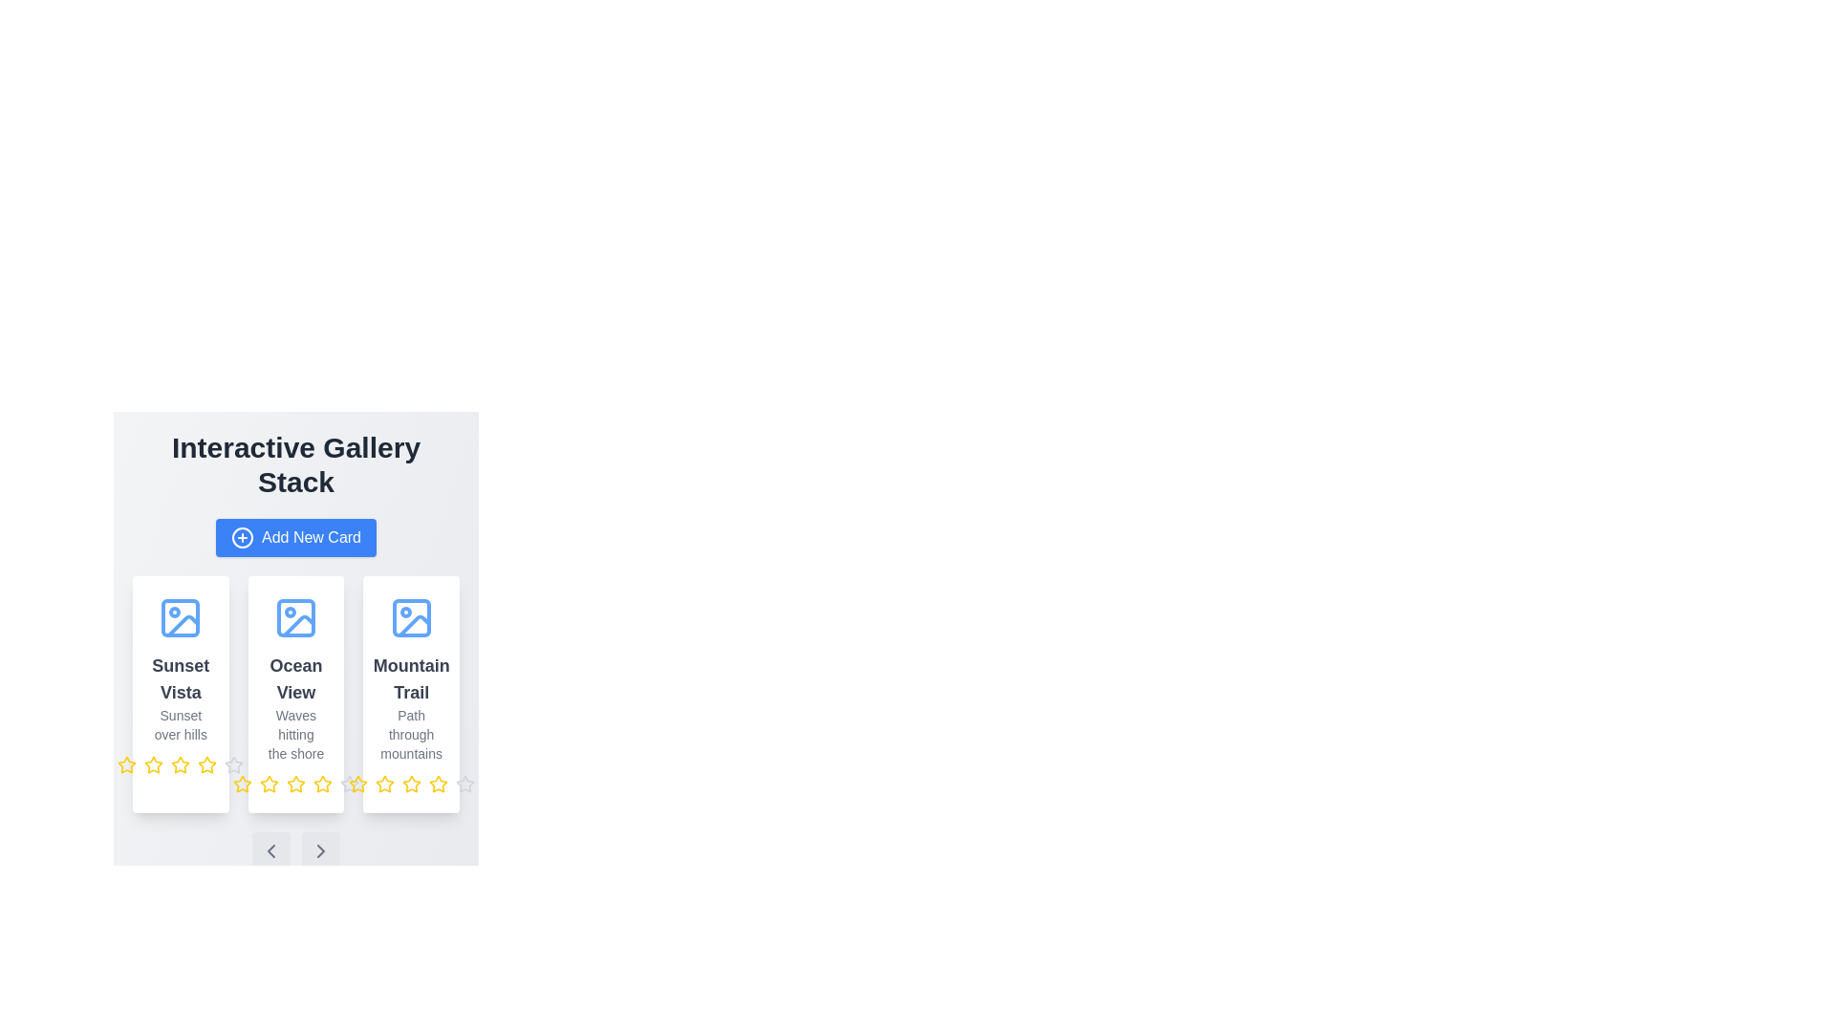 The width and height of the screenshot is (1835, 1032). I want to click on the seventh yellow star icon with a hollow center below the 'Mountain Trail' card in the 'Interactive Gallery Stack', so click(437, 785).